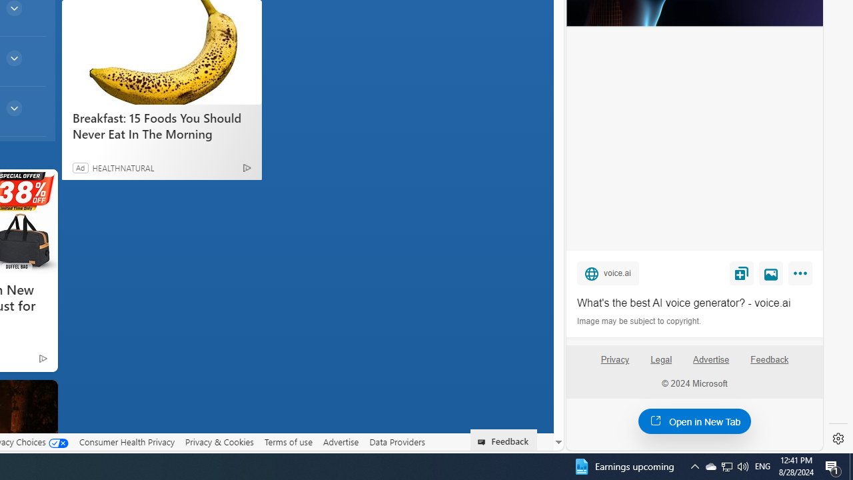 The width and height of the screenshot is (853, 480). Describe the element at coordinates (771, 272) in the screenshot. I see `'View image'` at that location.